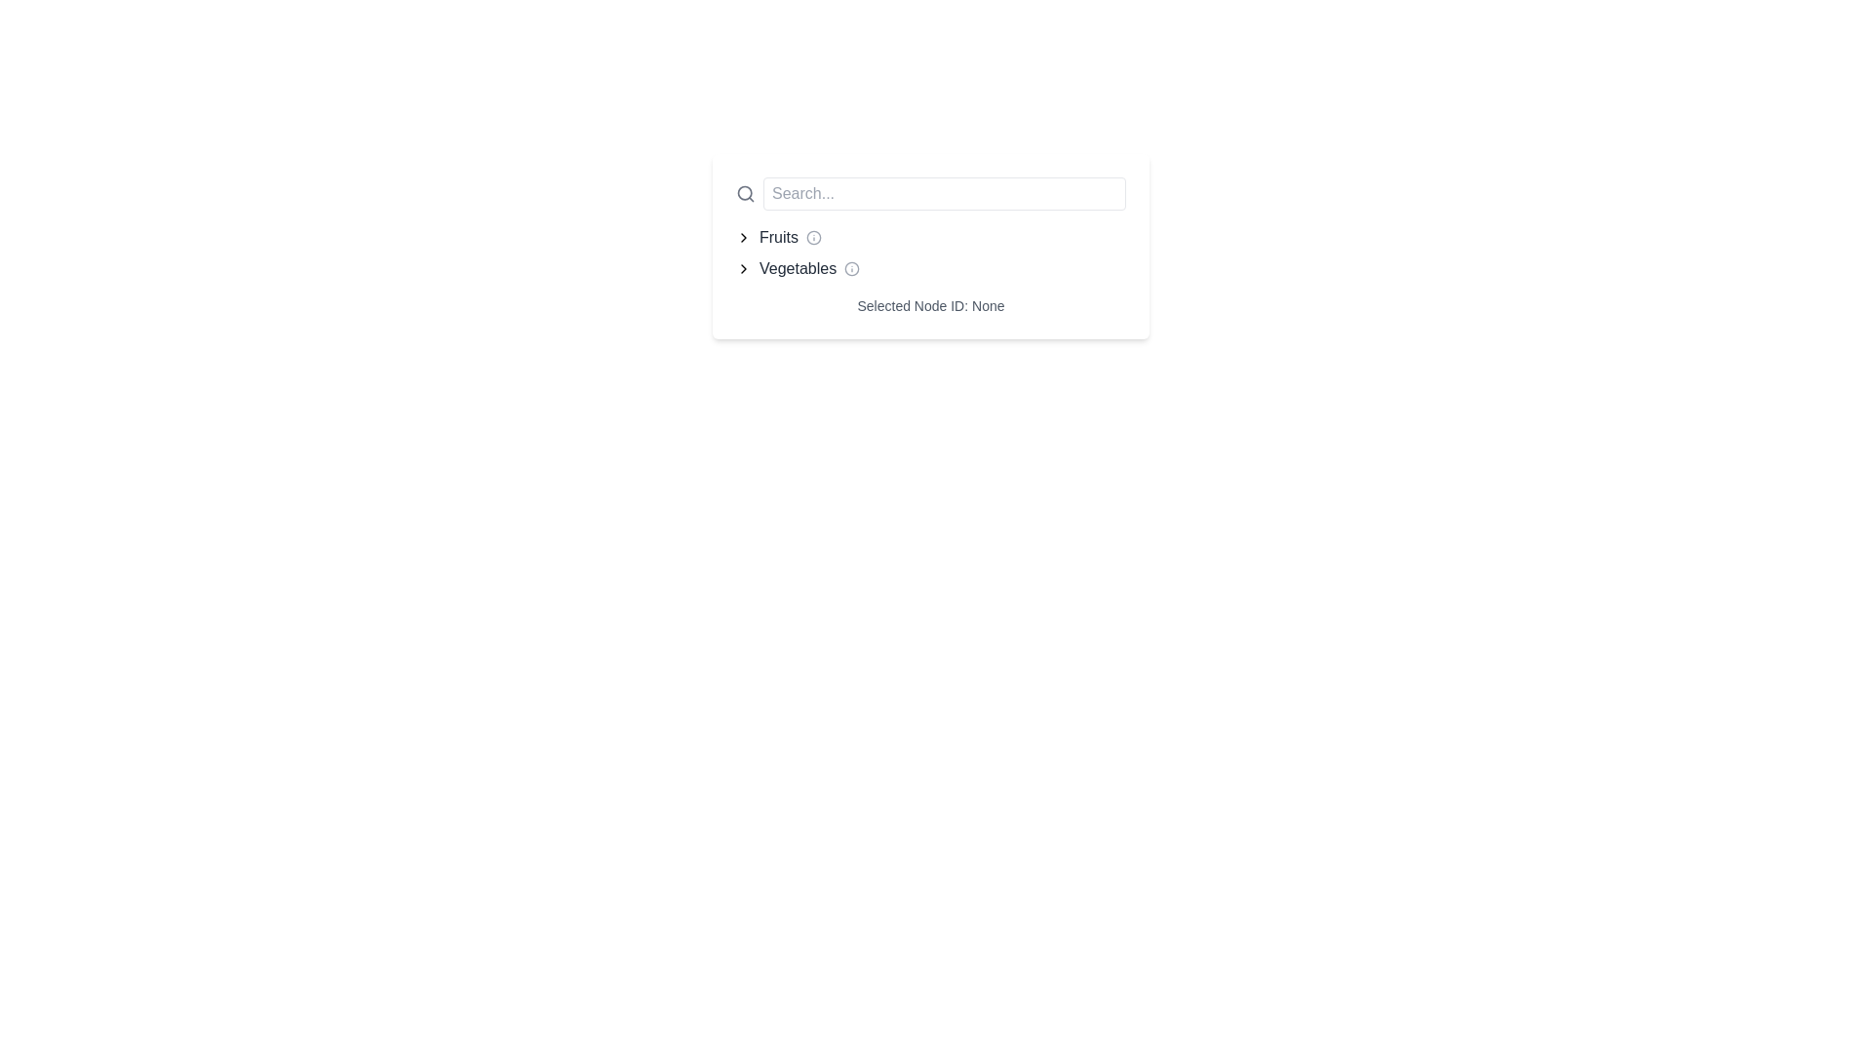 The image size is (1872, 1053). I want to click on the 'Fruits' or 'Vegetables' category names in the navigational list, so click(930, 252).